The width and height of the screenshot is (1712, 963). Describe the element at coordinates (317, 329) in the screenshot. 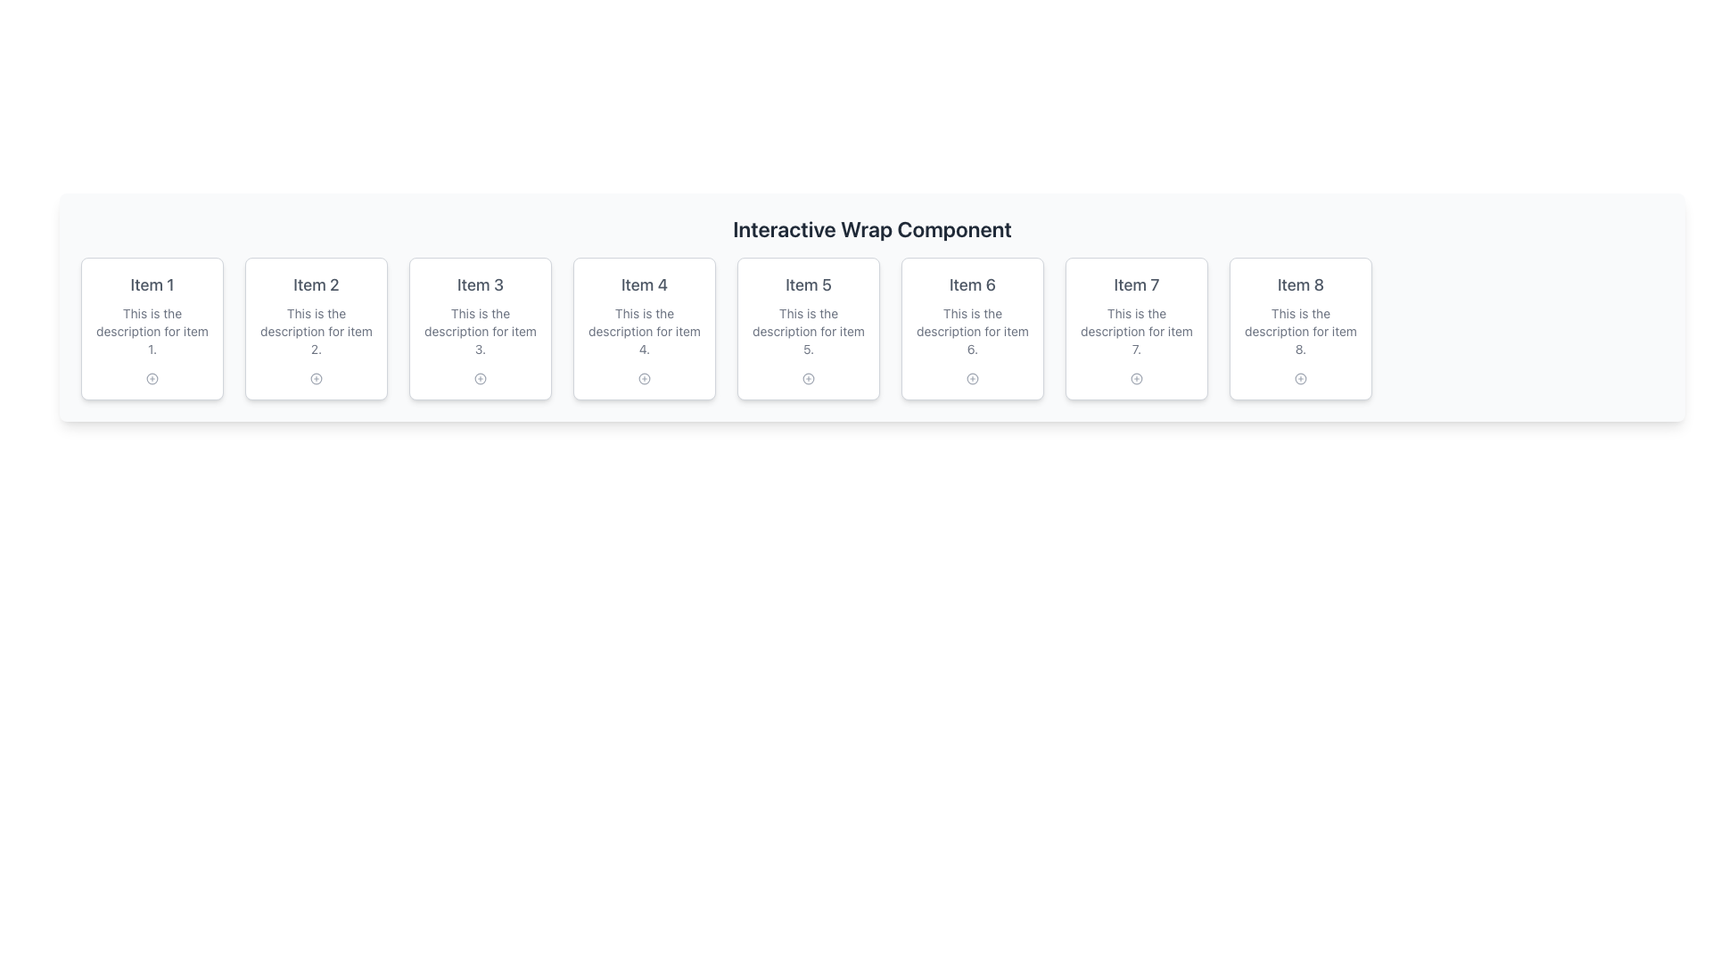

I see `title and description on the interactive card for 'Item 2', which is the second card in a horizontally-aligned grid of similar cards` at that location.